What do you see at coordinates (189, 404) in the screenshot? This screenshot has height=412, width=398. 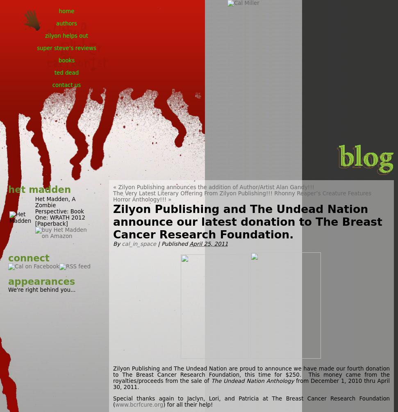 I see `') for all their help!'` at bounding box center [189, 404].